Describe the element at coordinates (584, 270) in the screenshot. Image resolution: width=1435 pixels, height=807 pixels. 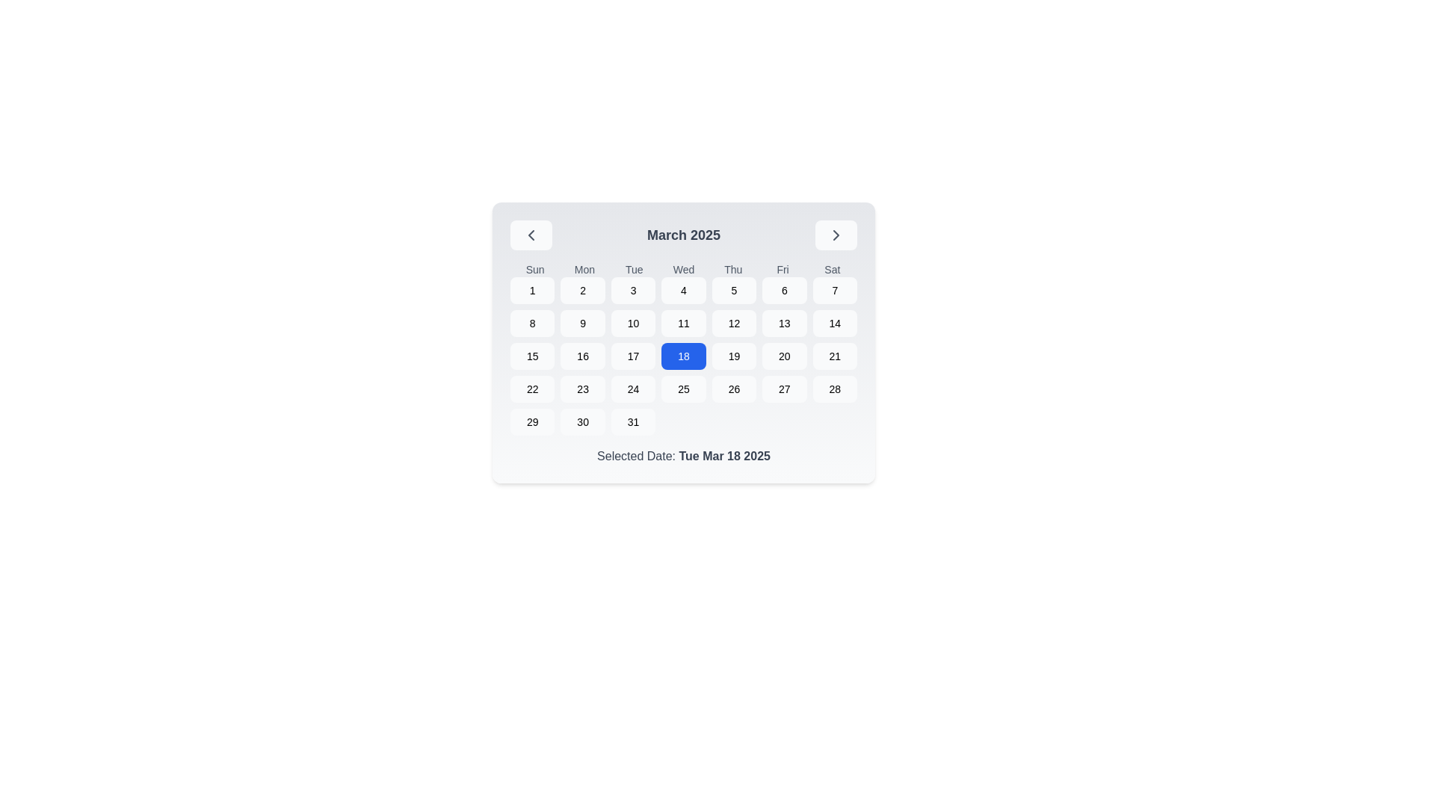
I see `the text label 'Mon' which is the second item in the row of day labels at the top of the calendar interface` at that location.